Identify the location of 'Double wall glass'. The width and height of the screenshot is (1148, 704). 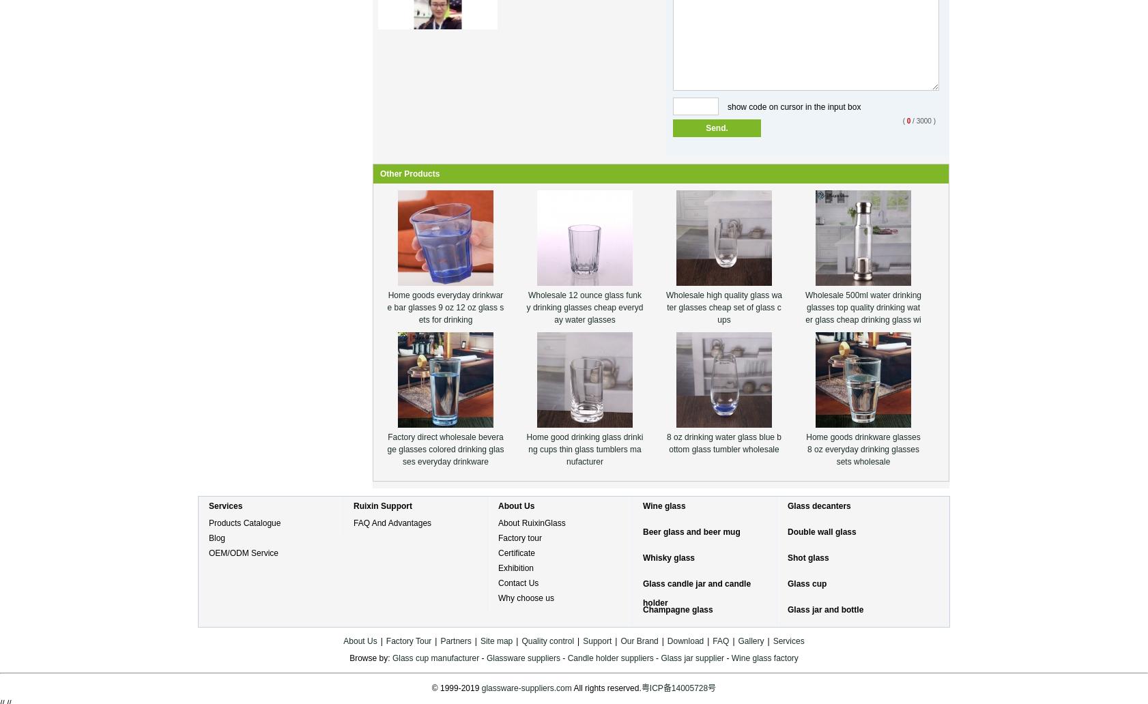
(820, 531).